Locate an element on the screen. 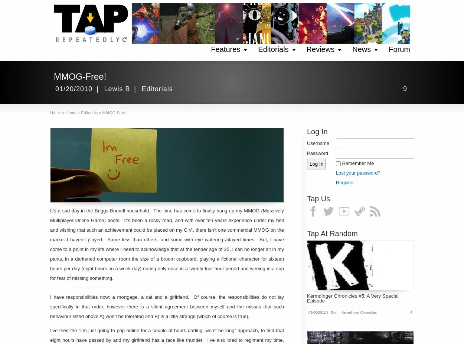 This screenshot has height=344, width=464. 'It’s a sad day in the Briggs-Burnell household.  The time has come to finally hang up my MMOG (Massively Multiplayer Online Game) boots.  It’s been a rocky road, and with over ten years experience under my belt and wishing that such an achievement could be placed on my C.V., there isn’t one commercial MMOG on the market I haven’t played.  Some less than others, and some with eye watering /played times.  But, I have come to a point in my life where I need to acknowledge that at the tender age of 25, I can no longer sit in my pants, in a darkened computer room the size of a broom cupboard, playing a fictional character for sixteen hours per day (eight hours on a week day) eating only once in a twenty four hour period and weeing in a cup for fear of missing something.' is located at coordinates (50, 244).